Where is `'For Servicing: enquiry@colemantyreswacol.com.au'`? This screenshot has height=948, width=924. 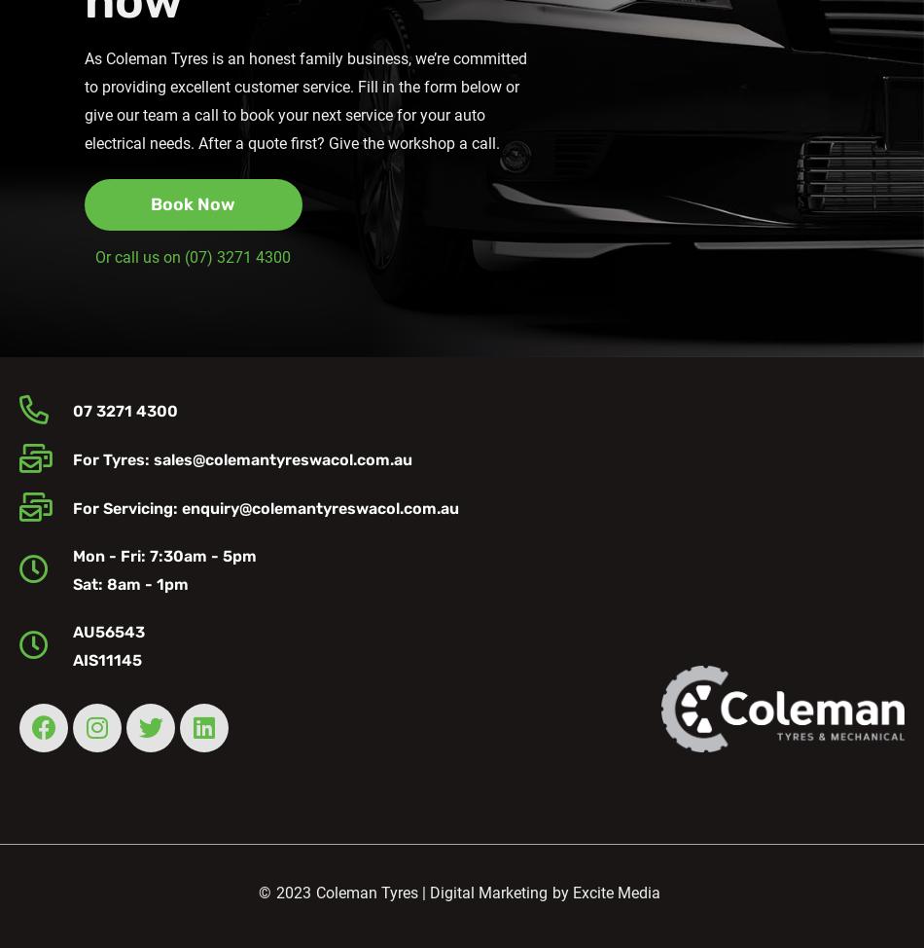
'For Servicing: enquiry@colemantyreswacol.com.au' is located at coordinates (264, 507).